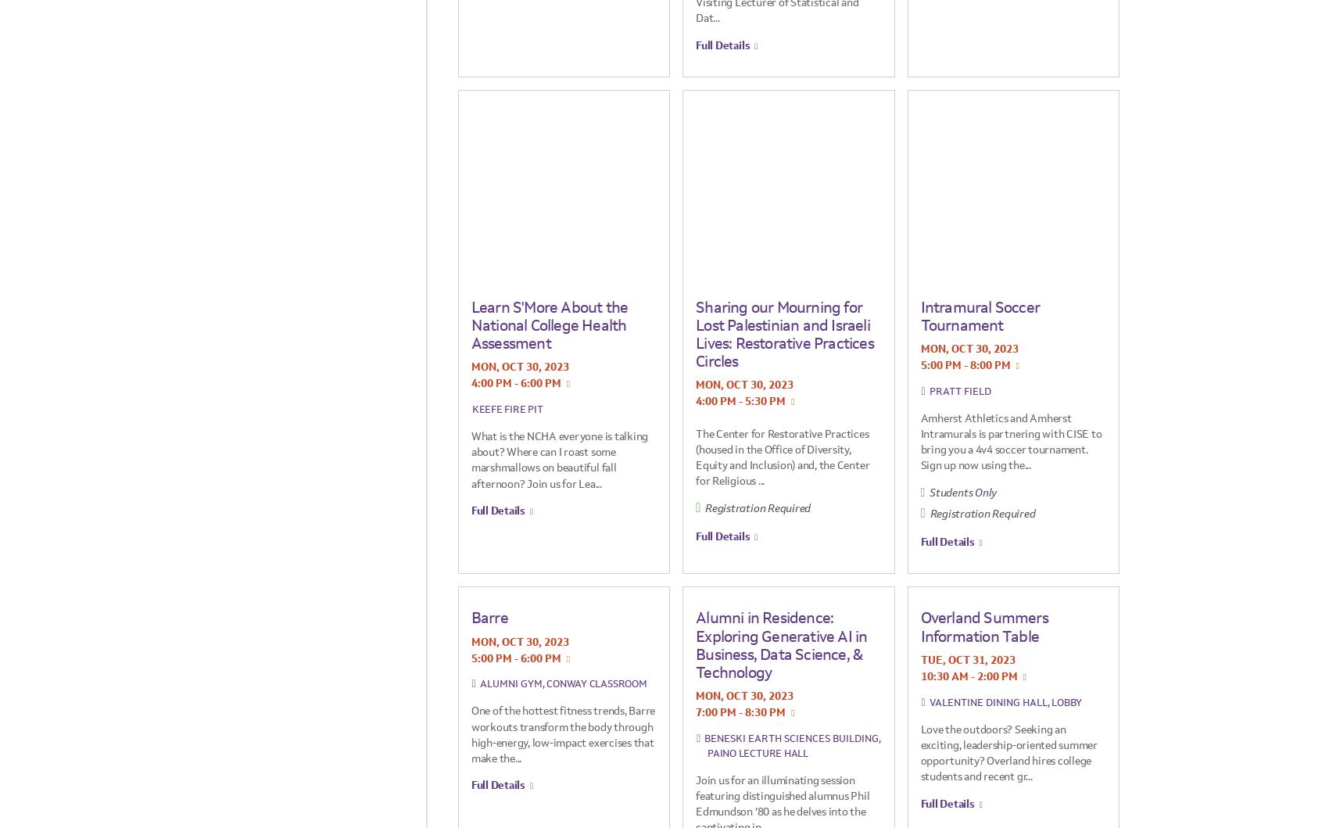  I want to click on 'Sharing our Mourning for Lost Palestinian and Israeli Lives: Restorative Practices Circles', so click(783, 333).